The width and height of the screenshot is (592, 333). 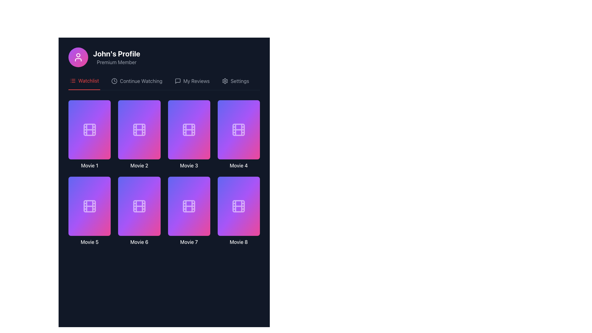 I want to click on the 'Movie 3' card, which is a rectangular card with a gradient background and a white film reel icon at its center, so click(x=189, y=129).